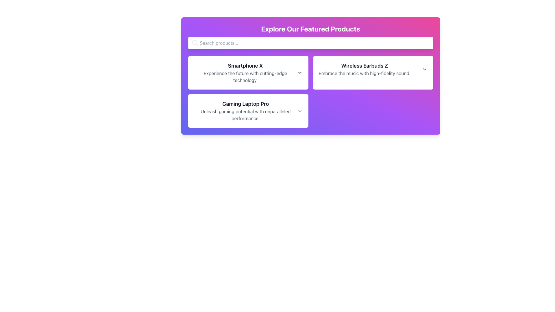 Image resolution: width=555 pixels, height=312 pixels. I want to click on text element that displays 'Embrace the music with high-fidelity sound.' located beneath the title 'Wireless Earbuds Z' in the featured products listing, so click(364, 73).